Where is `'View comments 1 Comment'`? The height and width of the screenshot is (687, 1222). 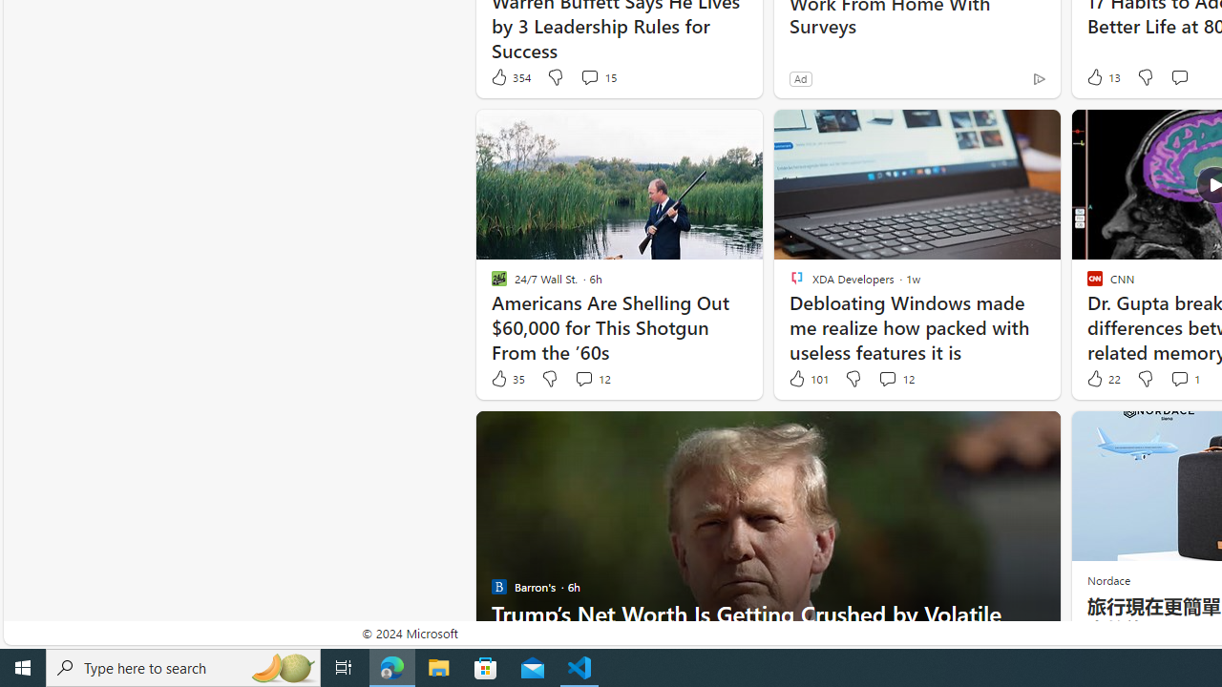
'View comments 1 Comment' is located at coordinates (1183, 379).